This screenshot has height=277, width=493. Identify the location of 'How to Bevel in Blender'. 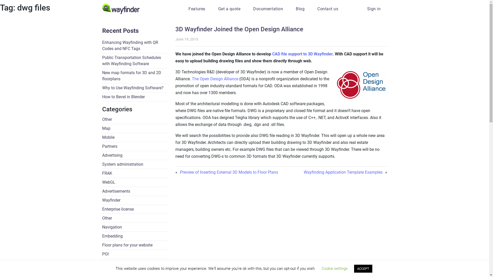
(102, 97).